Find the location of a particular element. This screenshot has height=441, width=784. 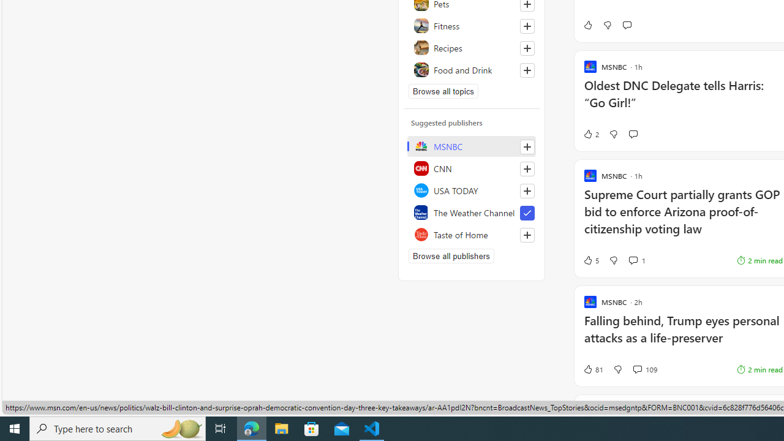

'The Weather Channel' is located at coordinates (471, 212).